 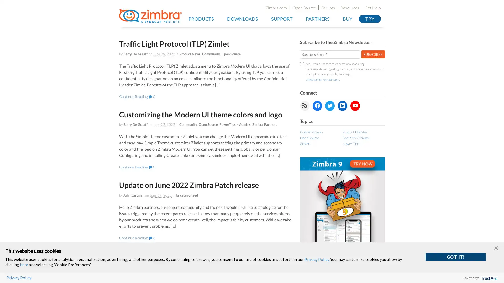 I want to click on GOT IT!, so click(x=455, y=257).